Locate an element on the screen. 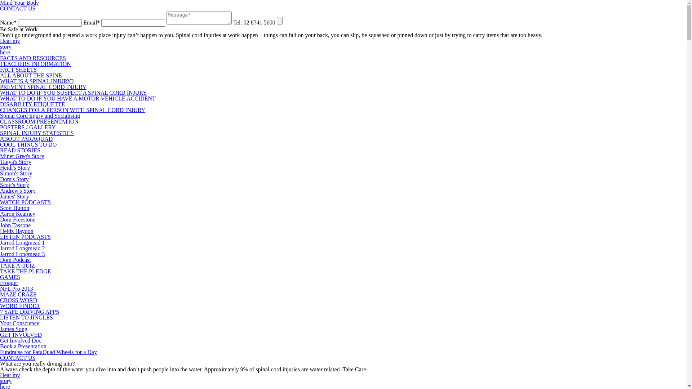 The height and width of the screenshot is (389, 692). 'POSTERS / GALLERY' is located at coordinates (28, 127).